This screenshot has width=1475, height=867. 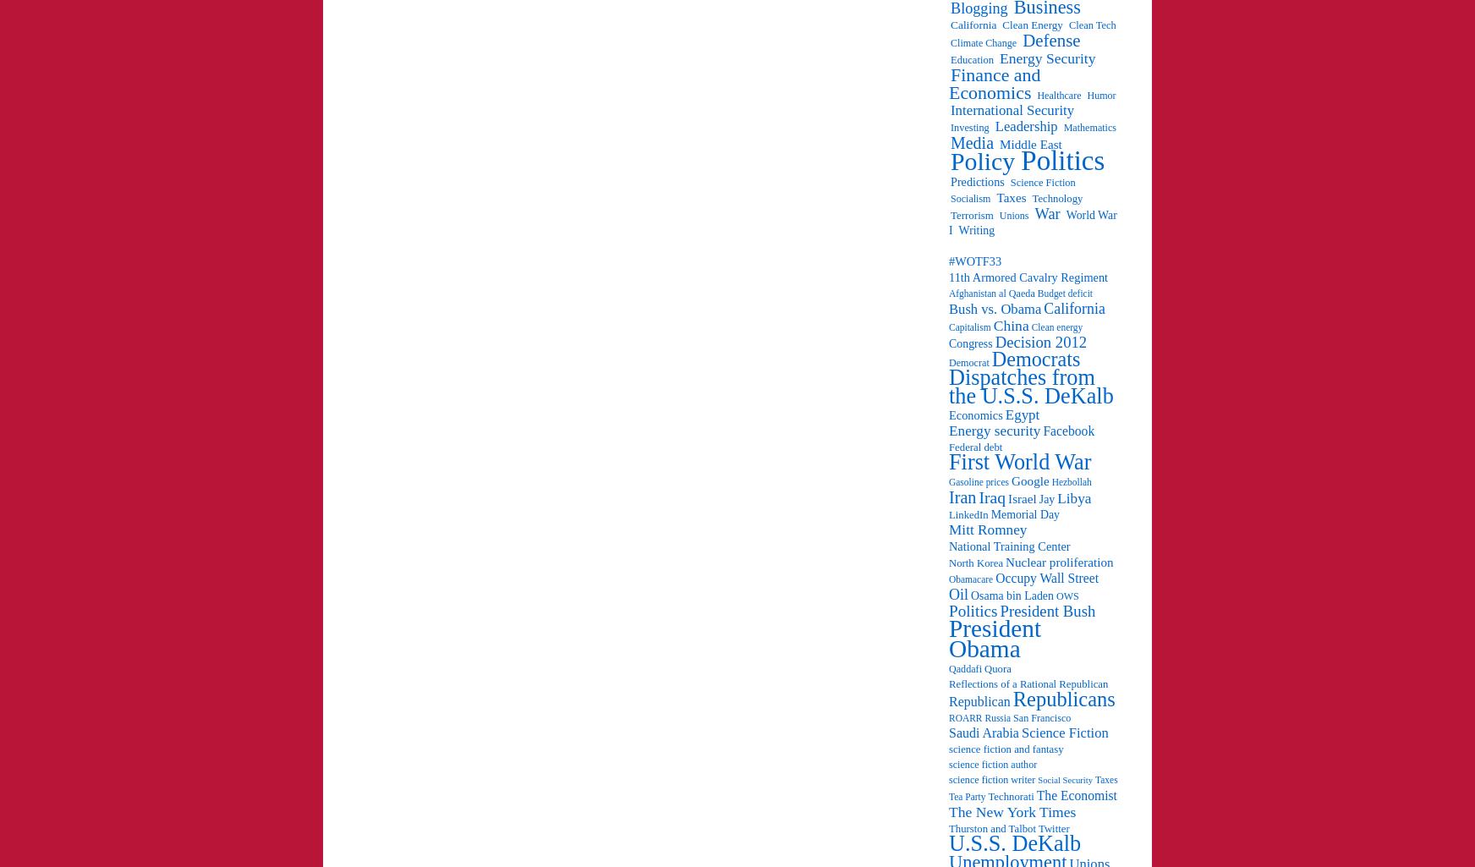 I want to click on 'Predictions', so click(x=976, y=182).